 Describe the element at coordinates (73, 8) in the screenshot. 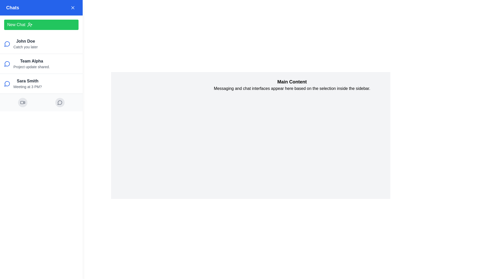

I see `the close icon located in the top-right corner of the 'Chats' sidebar header` at that location.